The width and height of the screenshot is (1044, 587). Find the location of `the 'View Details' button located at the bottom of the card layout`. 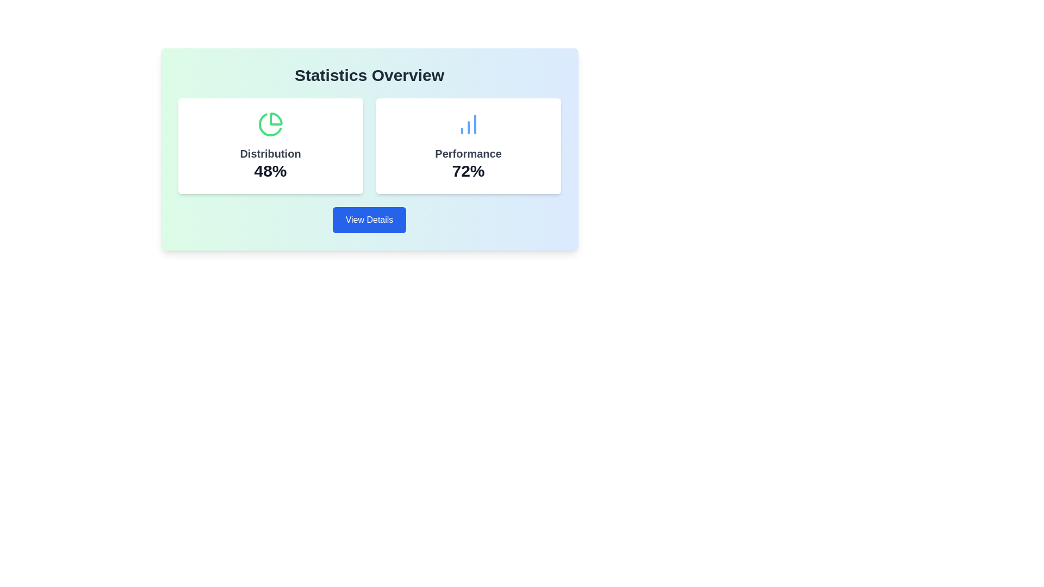

the 'View Details' button located at the bottom of the card layout is located at coordinates (369, 220).